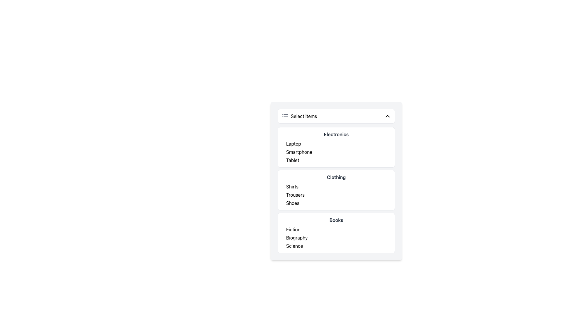 This screenshot has width=563, height=317. I want to click on the 'Clothing' text label which is styled in bold dark gray font and located in the middle white box of three, above 'Books' and below 'Electronics', so click(336, 177).